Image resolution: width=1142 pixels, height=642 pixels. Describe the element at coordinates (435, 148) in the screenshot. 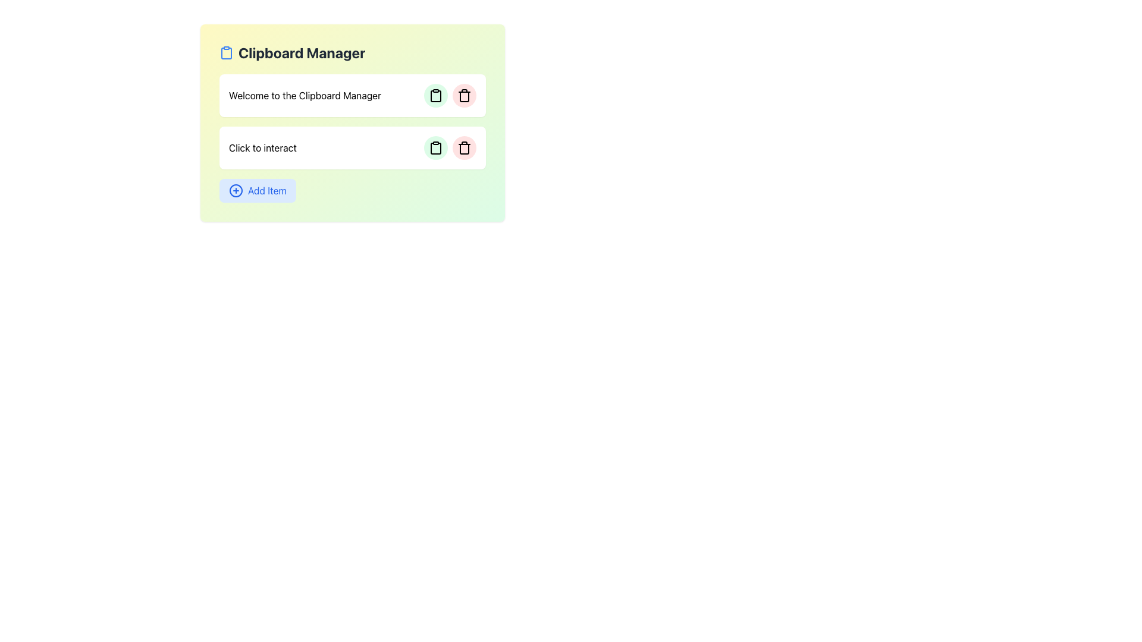

I see `the clipboard icon located in the second row of the Clipboard Manager interface, to the right of the text 'Click to interact'` at that location.